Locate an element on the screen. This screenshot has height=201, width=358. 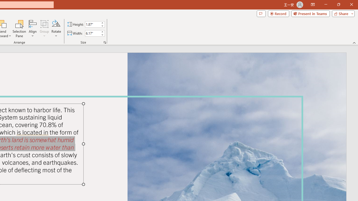
'Restore Down' is located at coordinates (338, 4).